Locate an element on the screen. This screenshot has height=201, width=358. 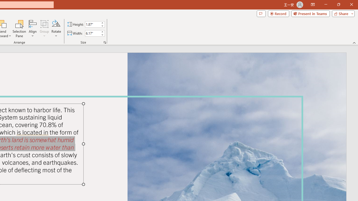
'Restore Down' is located at coordinates (338, 4).